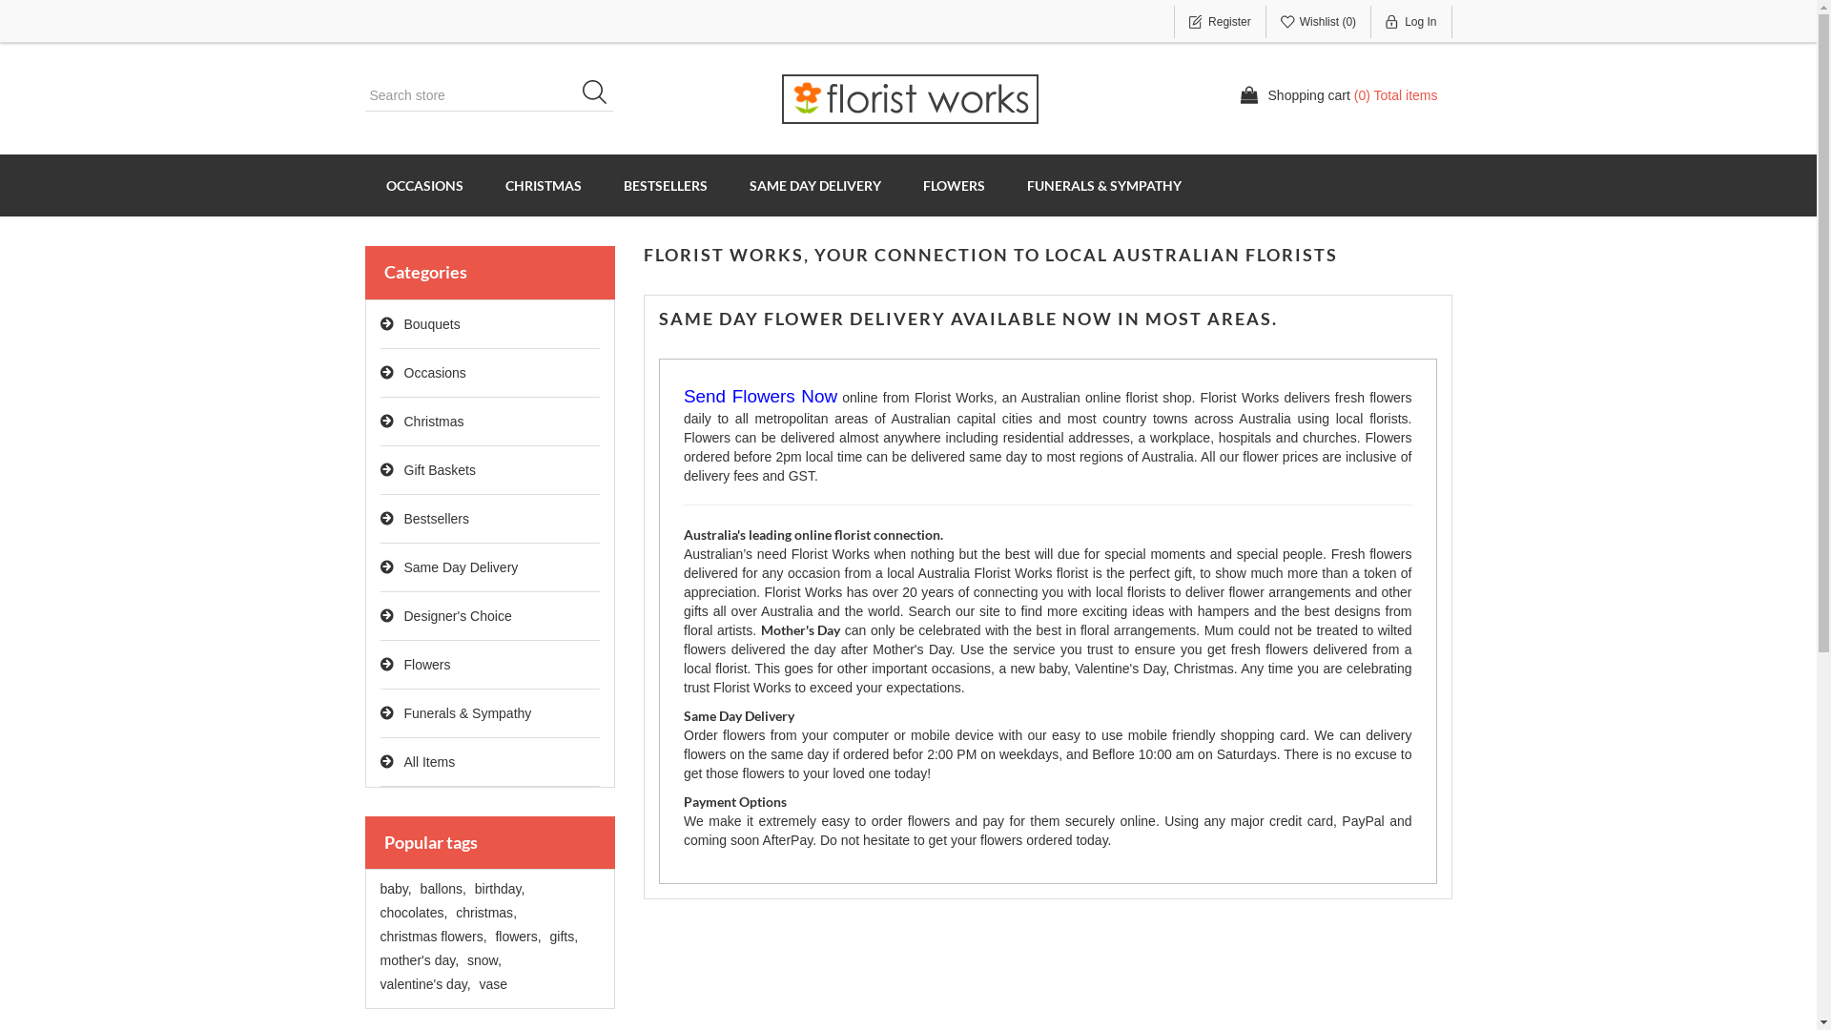 This screenshot has width=1831, height=1030. I want to click on 'Christmas', so click(489, 421).